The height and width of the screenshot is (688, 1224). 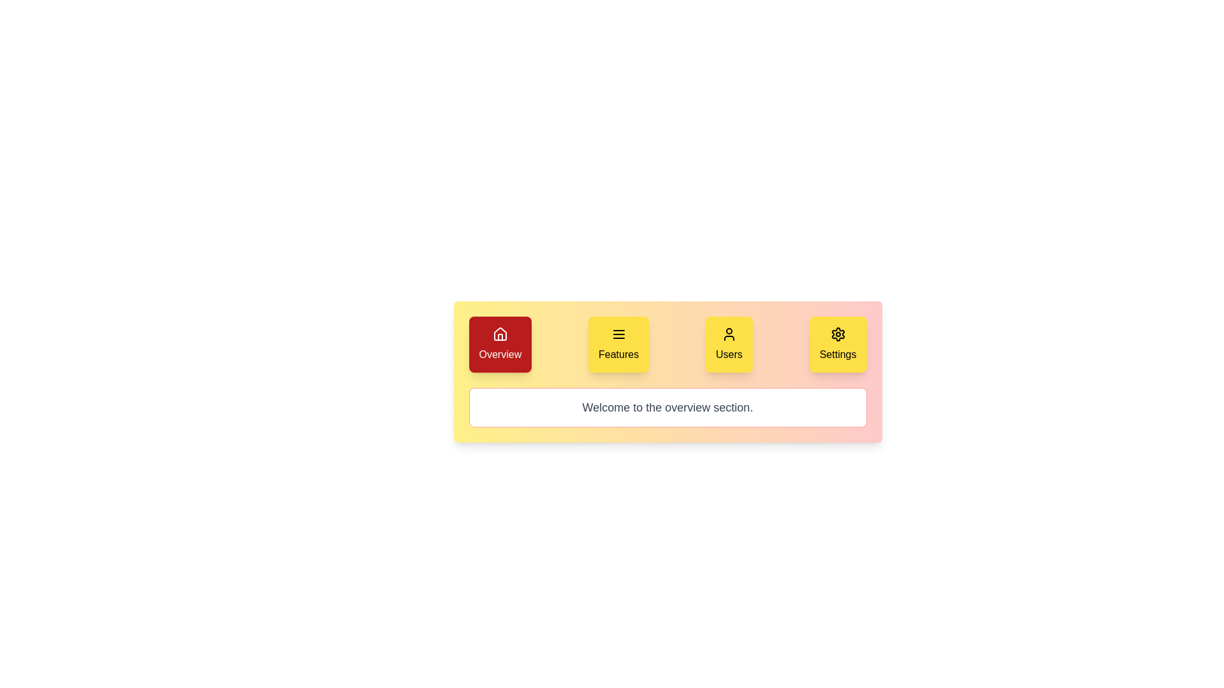 What do you see at coordinates (729, 344) in the screenshot?
I see `the Users tab to switch to it` at bounding box center [729, 344].